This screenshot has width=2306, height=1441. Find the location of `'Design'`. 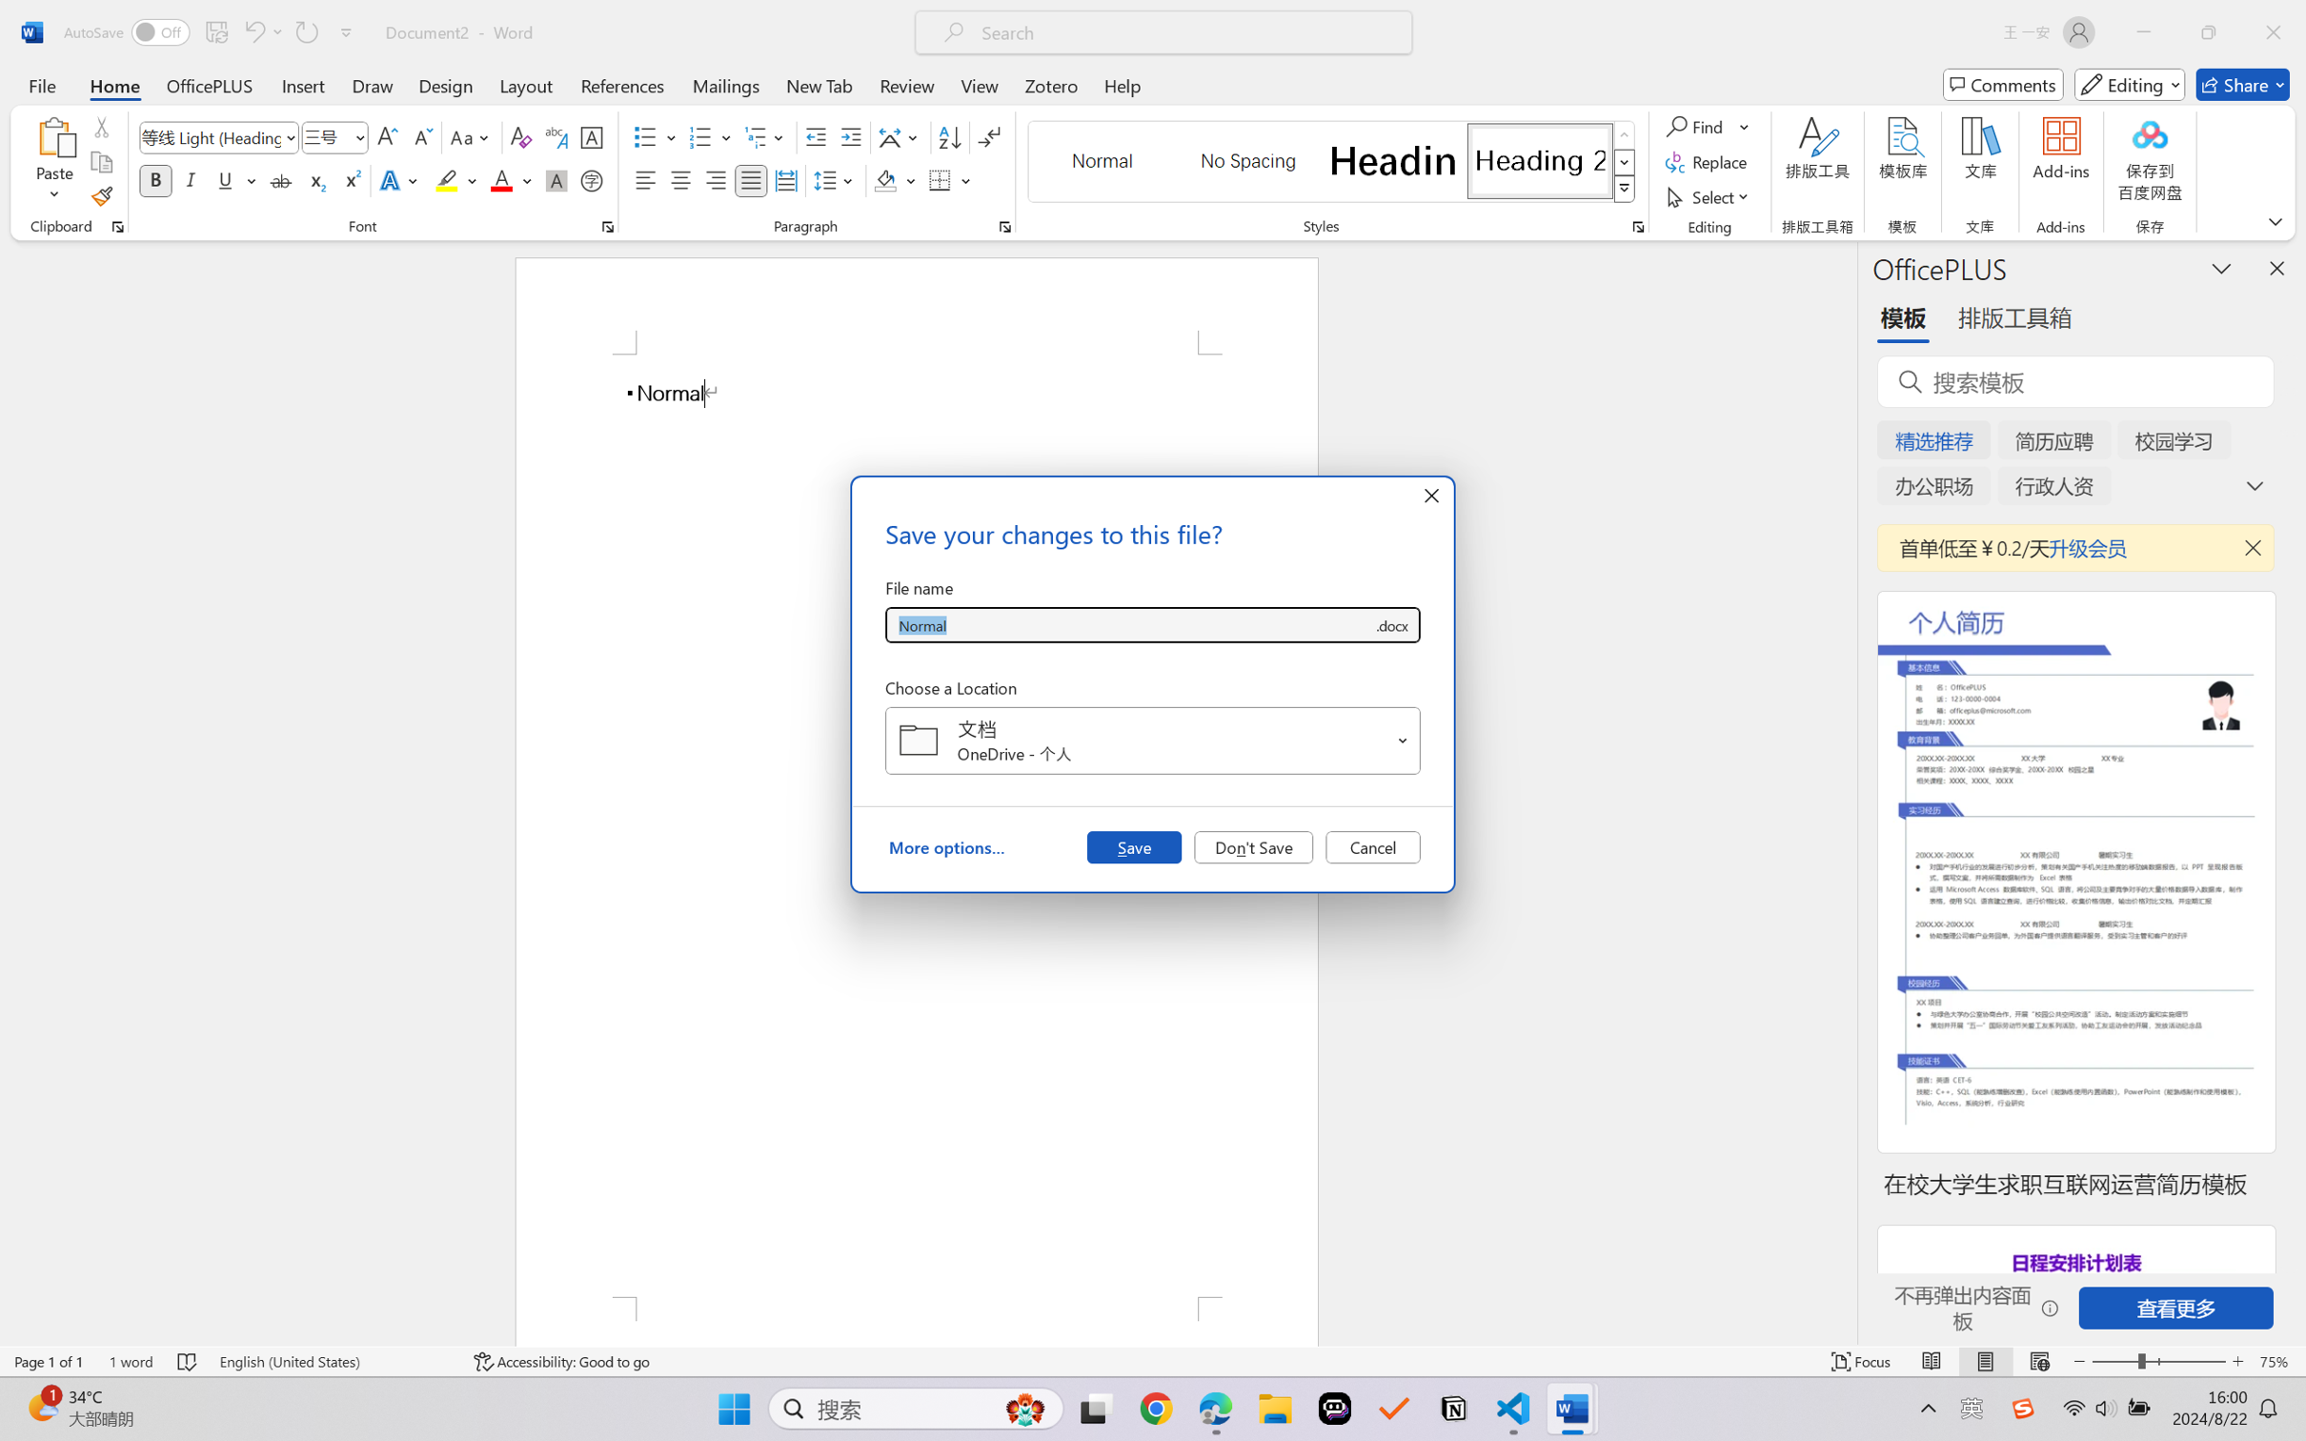

'Design' is located at coordinates (445, 84).